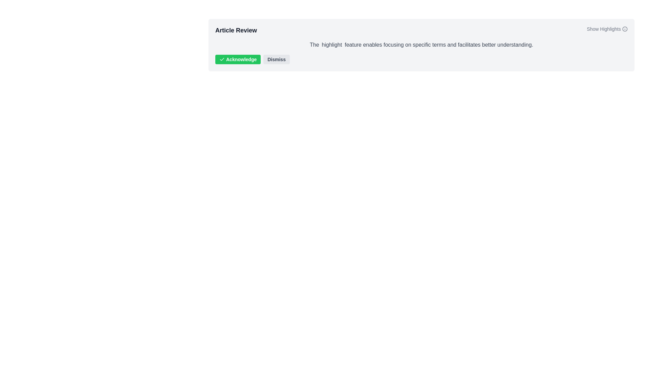 The width and height of the screenshot is (650, 365). Describe the element at coordinates (607, 28) in the screenshot. I see `the 'Show Highlights' link located at the far right of the 'Article Review' section header` at that location.